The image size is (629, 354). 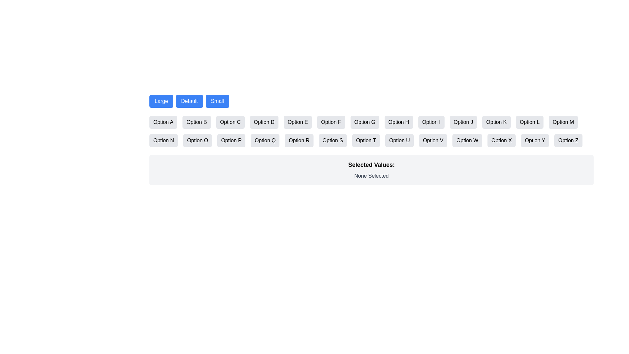 What do you see at coordinates (230, 122) in the screenshot?
I see `the option labeled 'Option C' for interaction, which is the third item in the first row of a grid of selectable options` at bounding box center [230, 122].